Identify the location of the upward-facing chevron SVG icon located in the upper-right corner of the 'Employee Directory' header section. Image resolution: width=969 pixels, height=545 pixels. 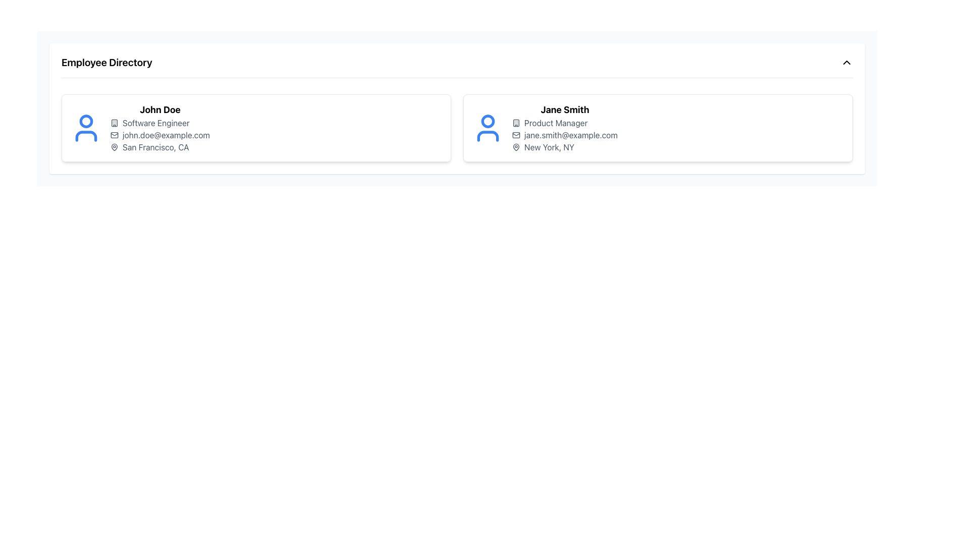
(847, 62).